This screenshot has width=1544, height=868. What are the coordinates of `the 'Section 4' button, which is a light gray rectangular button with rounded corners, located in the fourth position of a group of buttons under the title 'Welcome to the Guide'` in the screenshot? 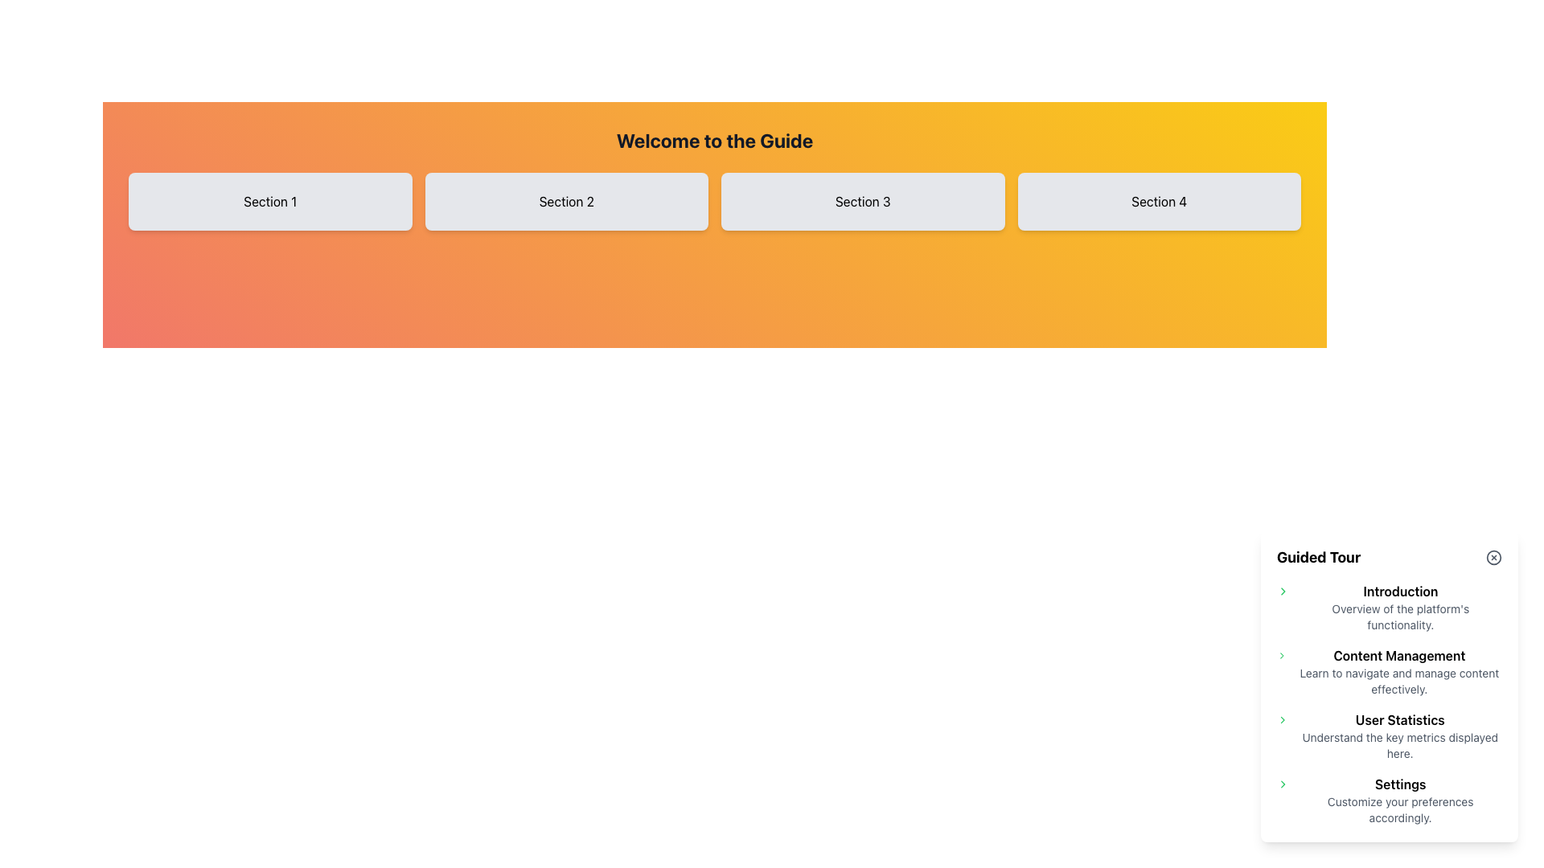 It's located at (1159, 200).